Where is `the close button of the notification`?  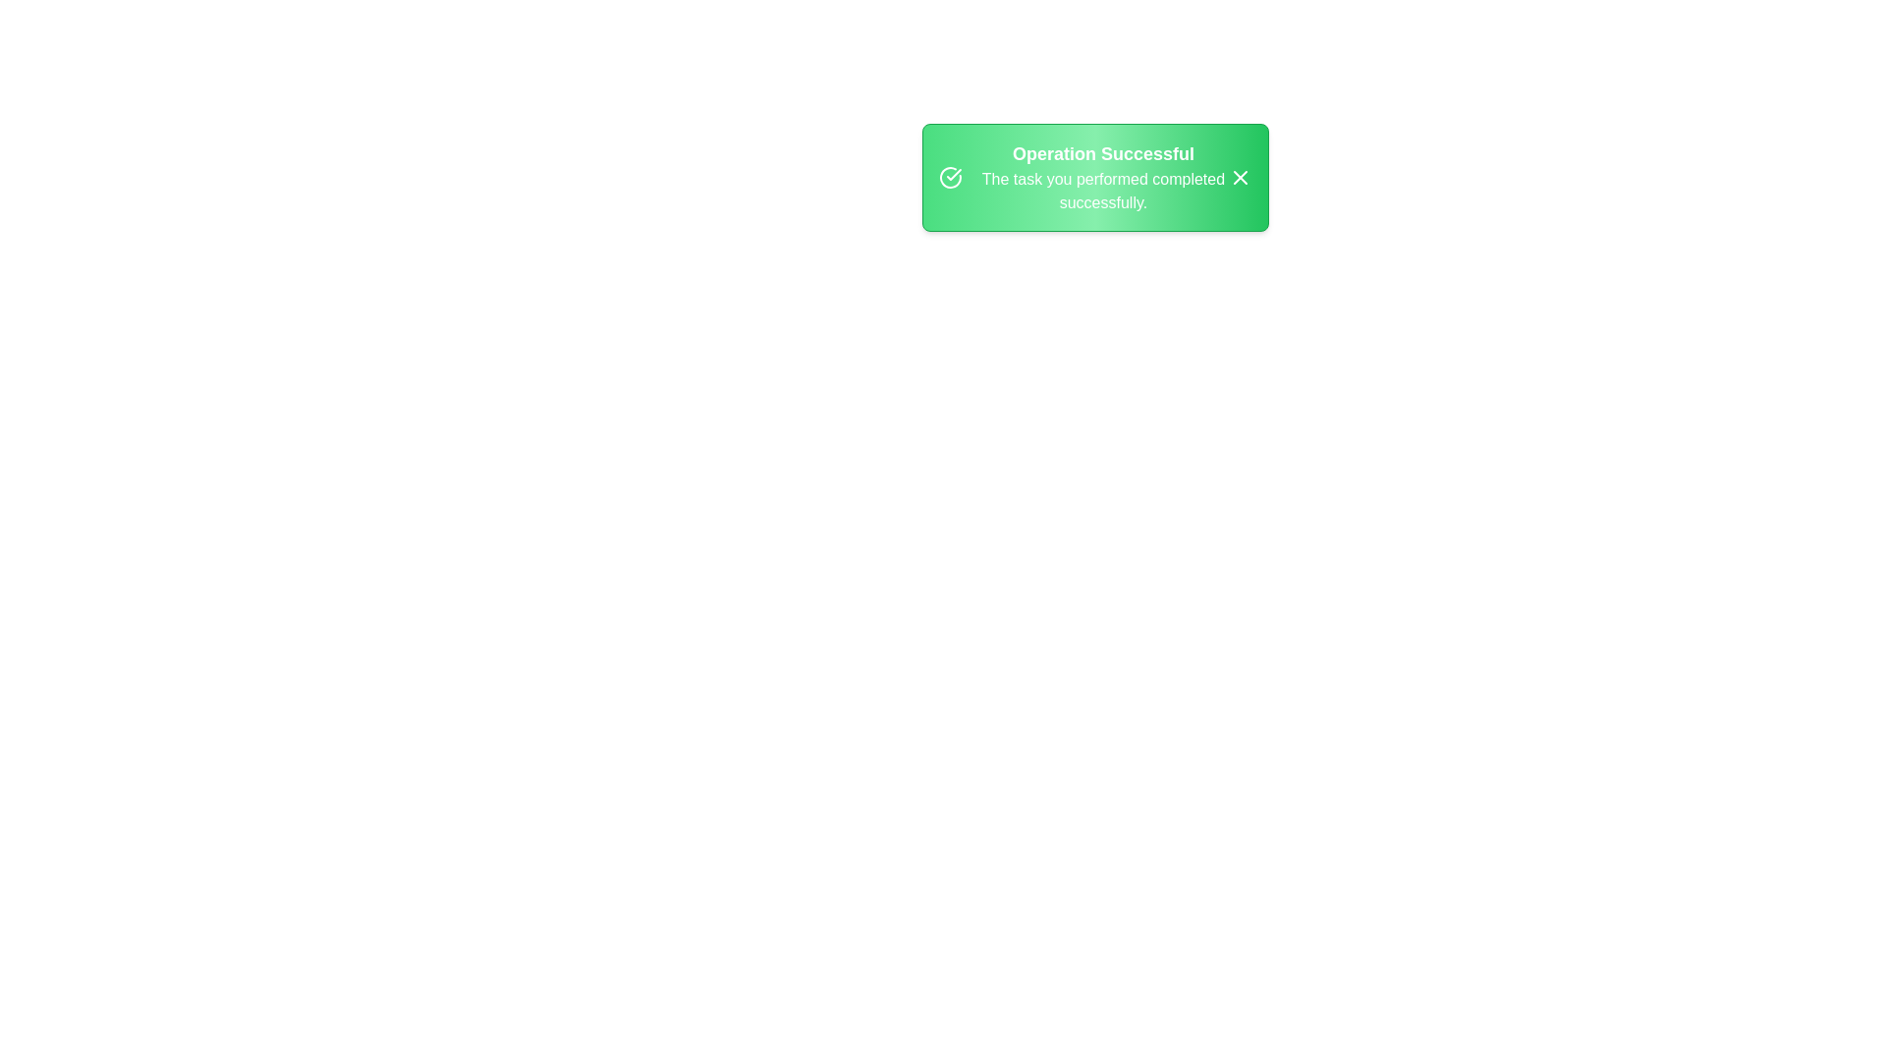 the close button of the notification is located at coordinates (1239, 178).